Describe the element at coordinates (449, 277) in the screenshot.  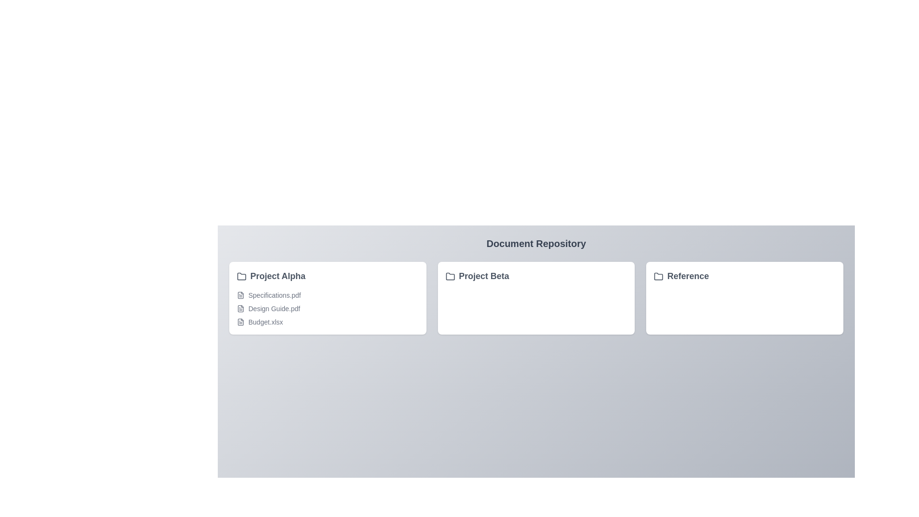
I see `the folder icon representing 'Project Beta', which is located in the header section, directly preceding the text 'Project Beta'` at that location.